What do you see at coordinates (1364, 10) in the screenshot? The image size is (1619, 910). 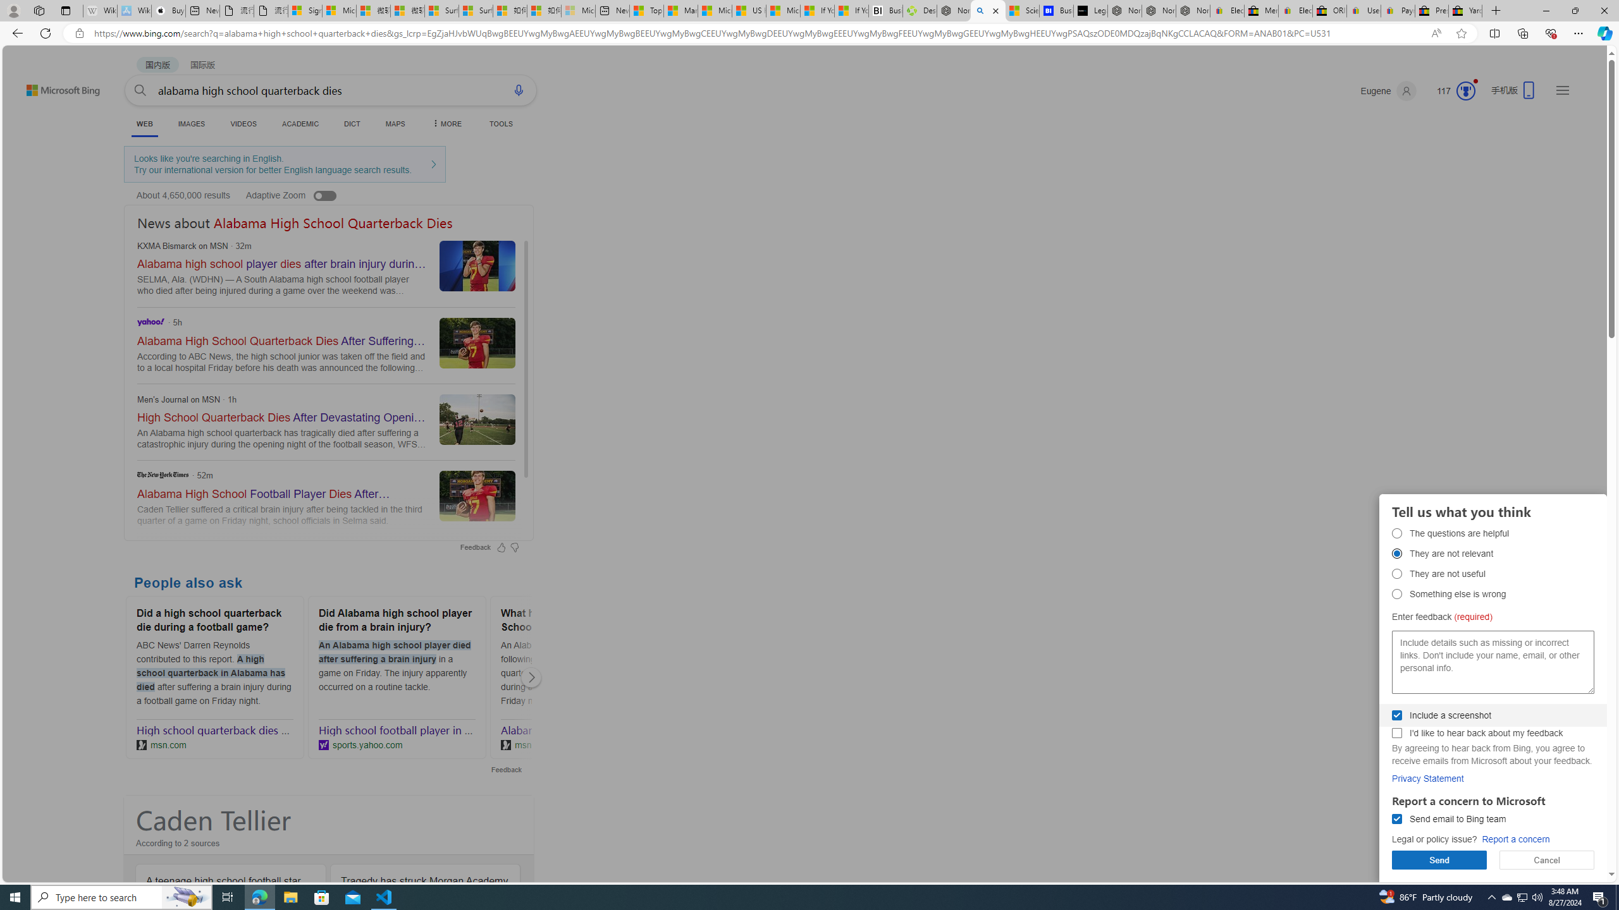 I see `'User Privacy Notice | eBay'` at bounding box center [1364, 10].